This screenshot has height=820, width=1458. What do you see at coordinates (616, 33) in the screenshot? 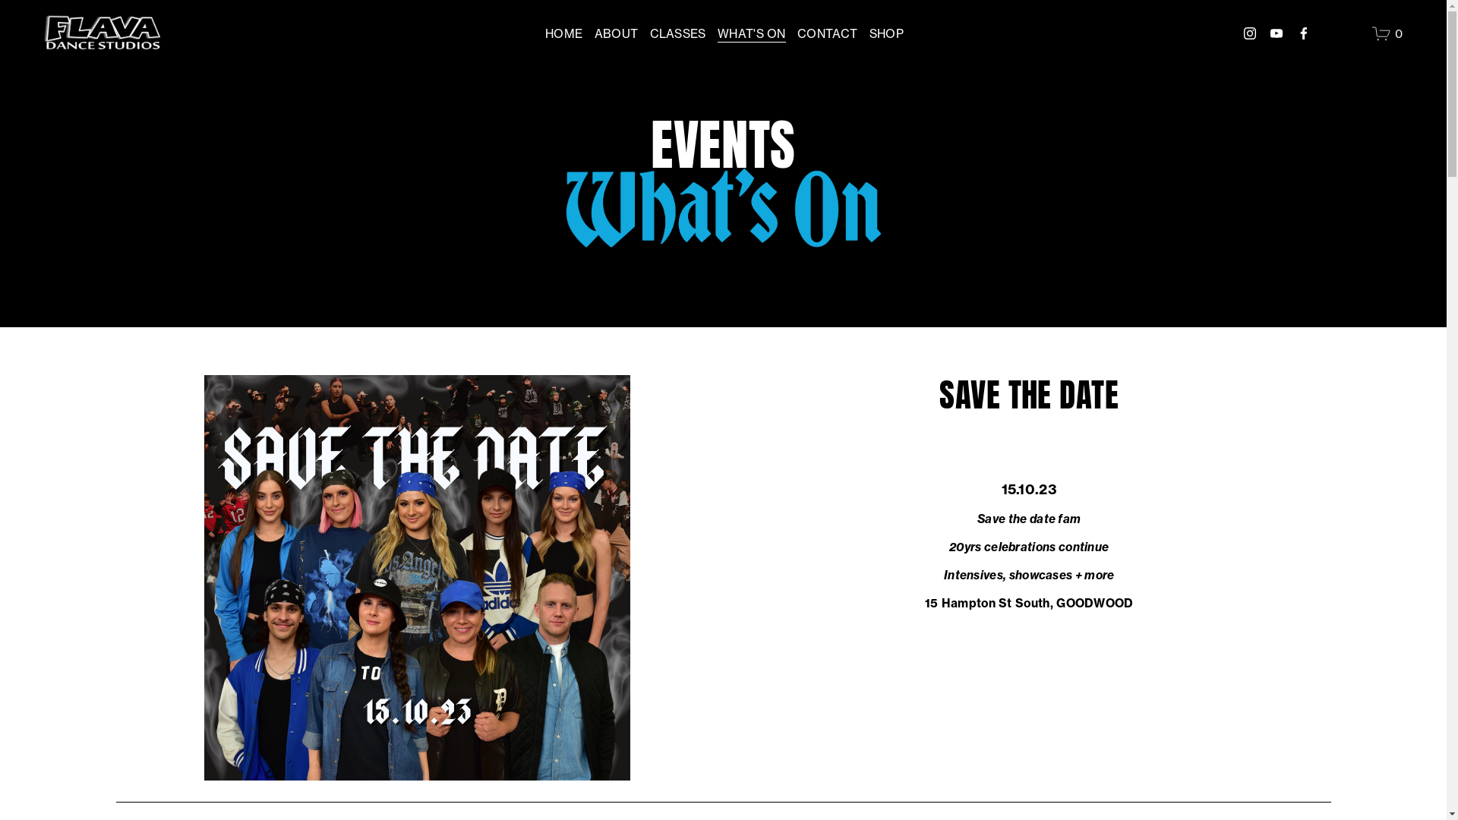
I see `'ABOUT'` at bounding box center [616, 33].